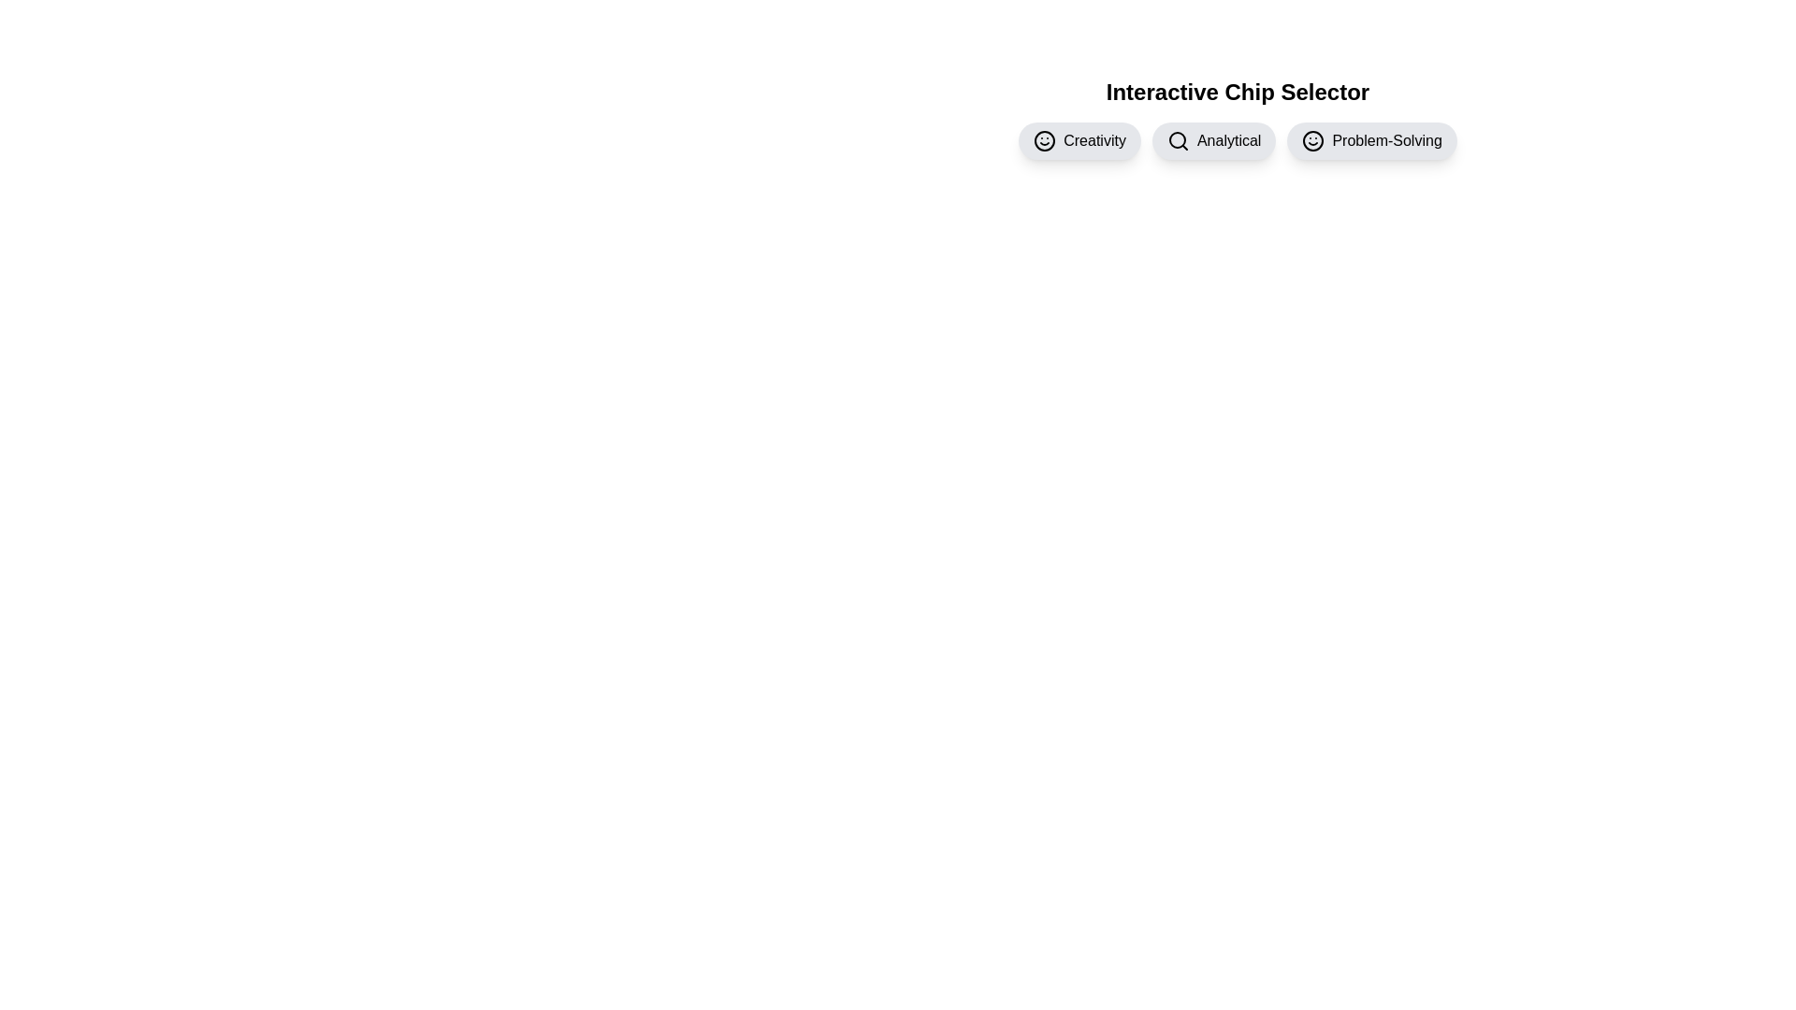 The height and width of the screenshot is (1010, 1796). What do you see at coordinates (1372, 139) in the screenshot?
I see `the chip labeled Problem-Solving to observe its hover effects` at bounding box center [1372, 139].